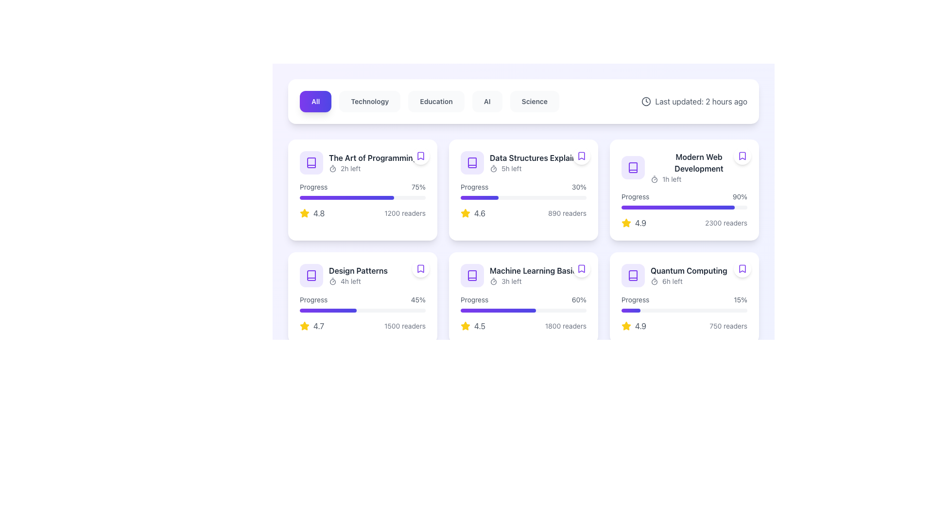 The image size is (933, 525). Describe the element at coordinates (362, 162) in the screenshot. I see `the title text of the 'The Art of Programming' course in the first card of the grid` at that location.